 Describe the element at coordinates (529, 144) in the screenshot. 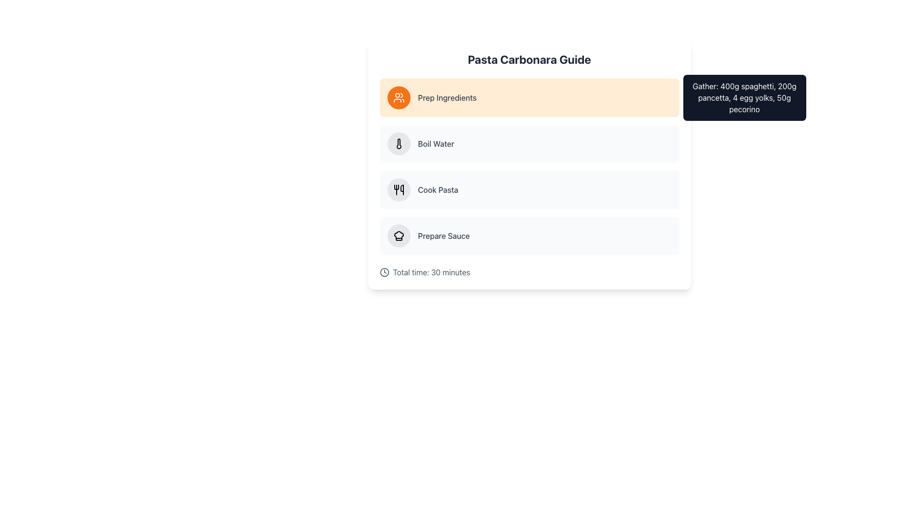

I see `the second list item` at that location.